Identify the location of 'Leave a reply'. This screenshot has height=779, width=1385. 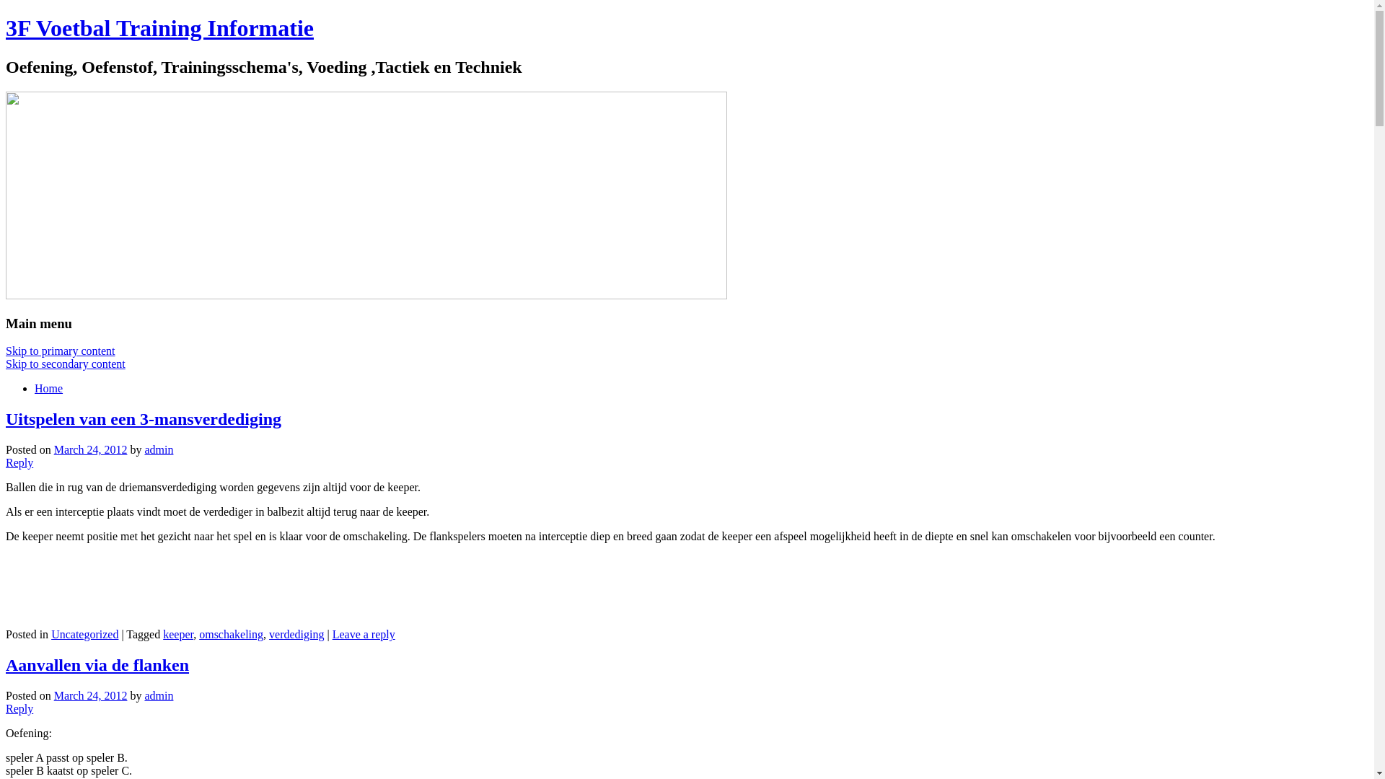
(364, 633).